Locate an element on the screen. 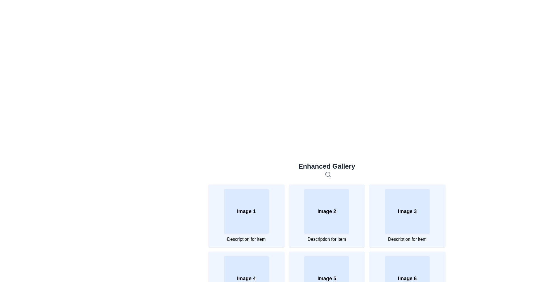 The height and width of the screenshot is (302, 537). the first square-shaped card with a light blue background that contains the text 'Image 1' in bold, centered within it is located at coordinates (246, 211).